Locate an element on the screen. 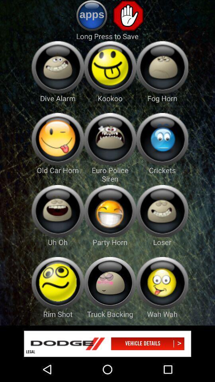 Image resolution: width=215 pixels, height=382 pixels. an option is located at coordinates (162, 67).